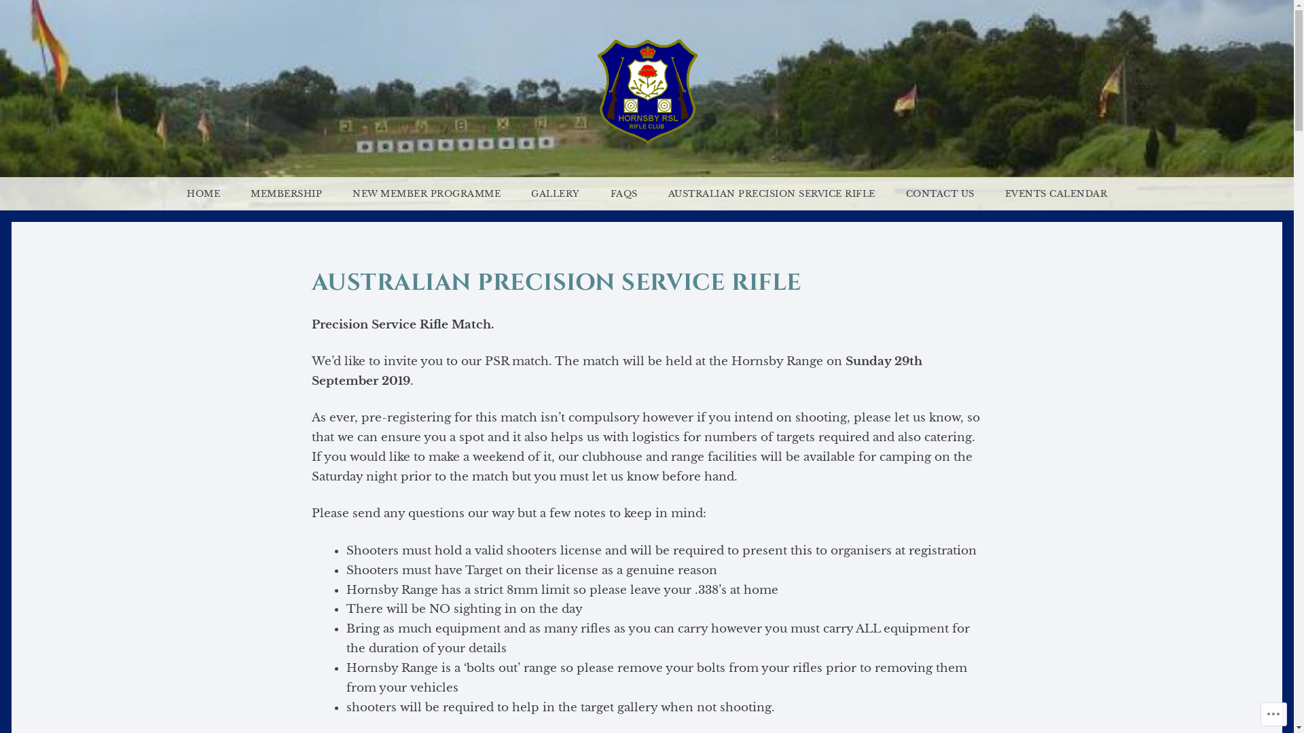  Describe the element at coordinates (285, 193) in the screenshot. I see `'MEMBERSHIP'` at that location.